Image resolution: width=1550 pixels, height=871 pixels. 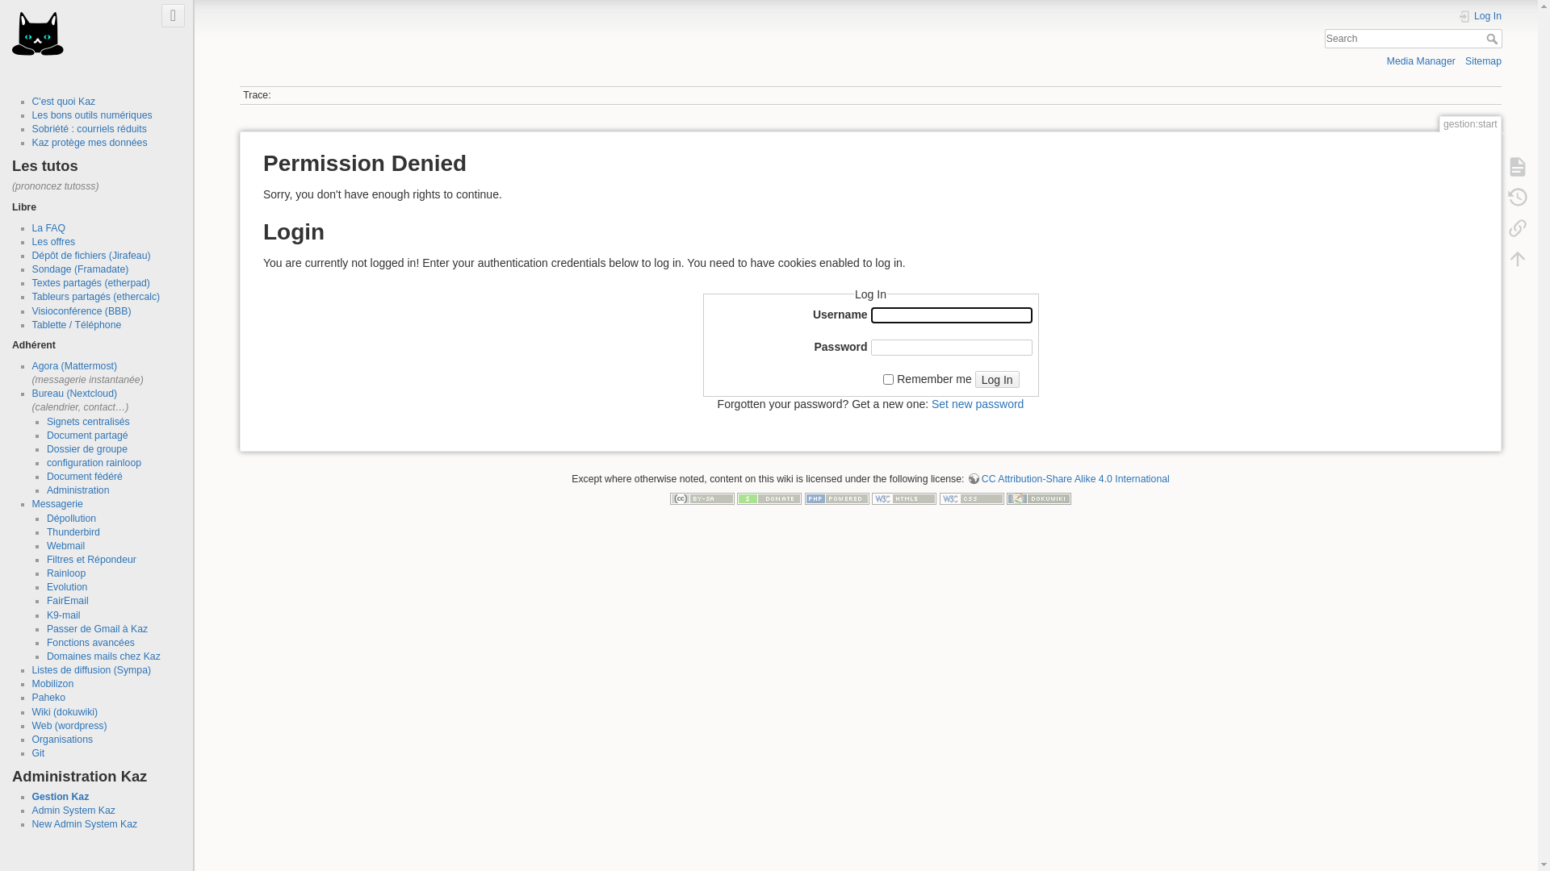 What do you see at coordinates (39, 752) in the screenshot?
I see `'Git'` at bounding box center [39, 752].